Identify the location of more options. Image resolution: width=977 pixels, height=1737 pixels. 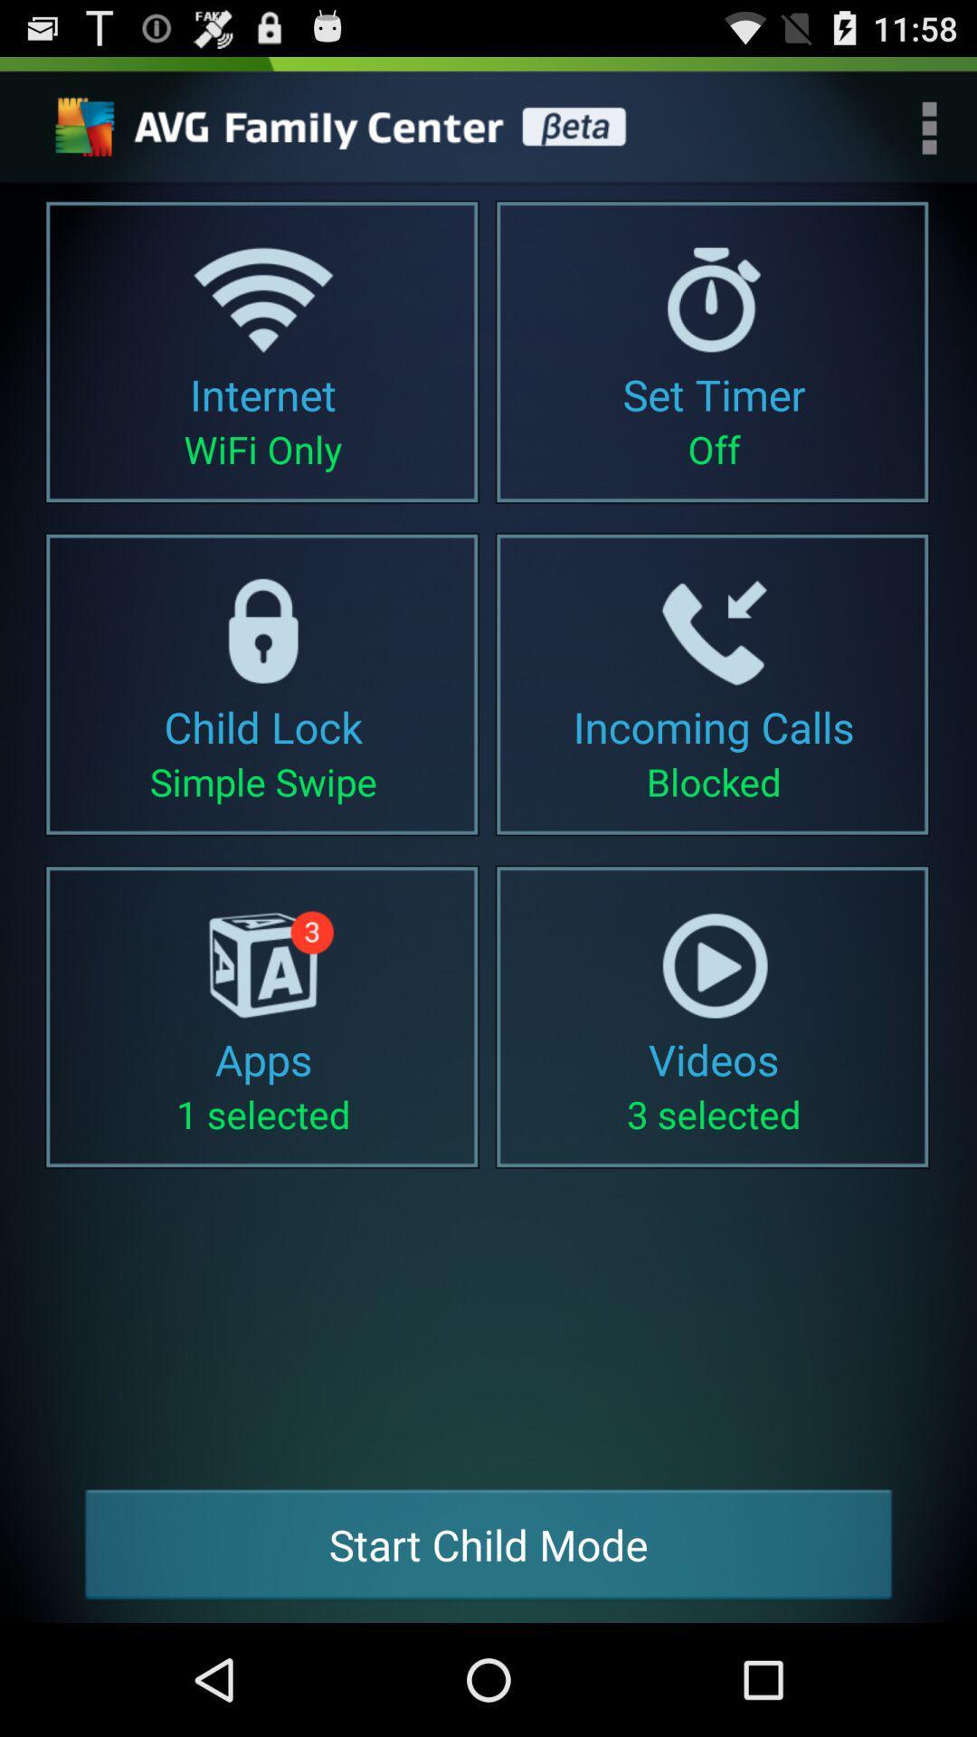
(929, 127).